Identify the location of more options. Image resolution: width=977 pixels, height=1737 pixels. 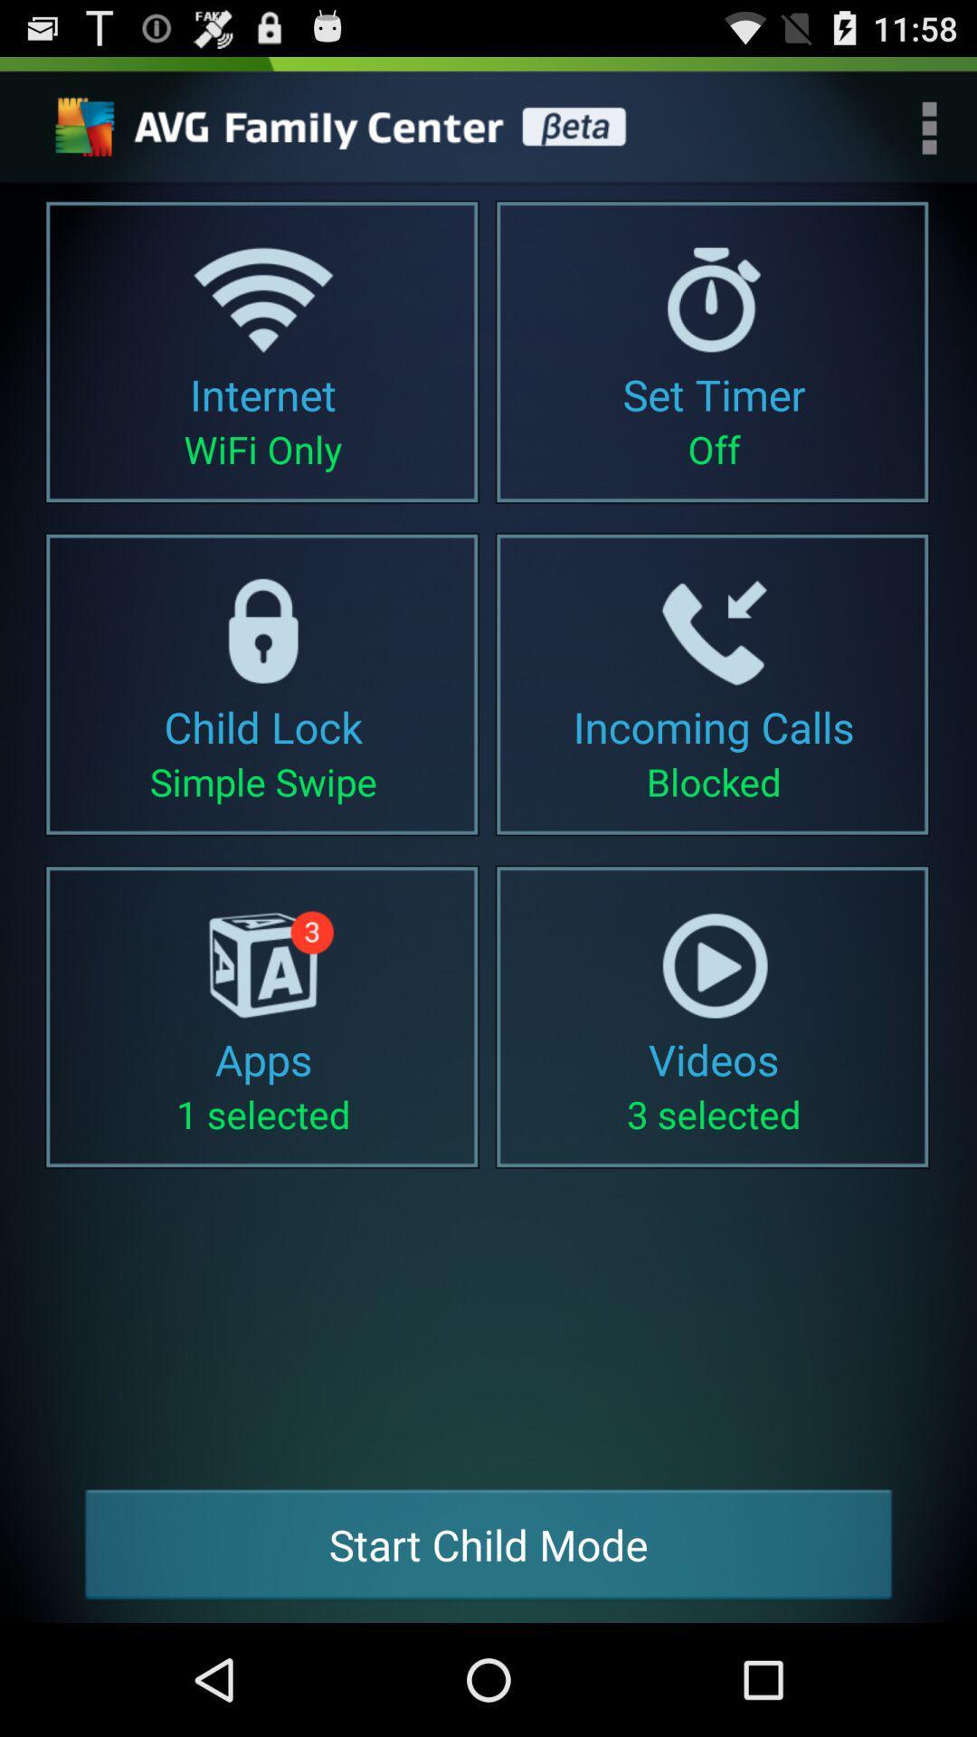
(929, 127).